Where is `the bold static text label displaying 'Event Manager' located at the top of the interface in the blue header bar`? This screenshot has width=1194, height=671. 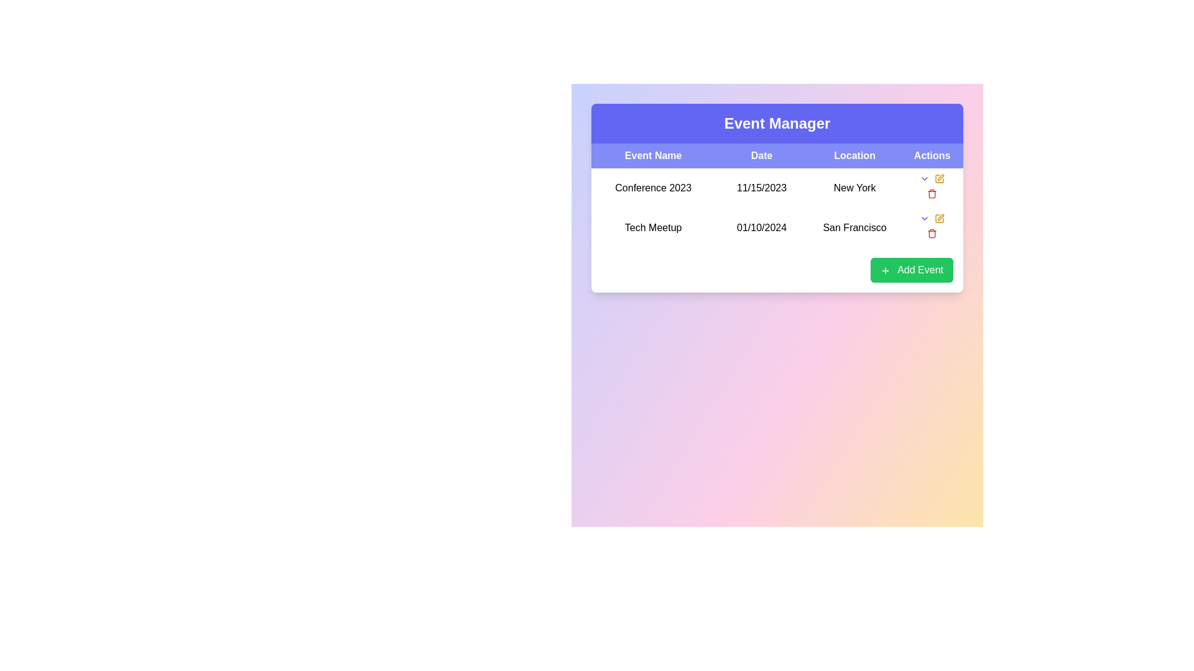 the bold static text label displaying 'Event Manager' located at the top of the interface in the blue header bar is located at coordinates (776, 124).